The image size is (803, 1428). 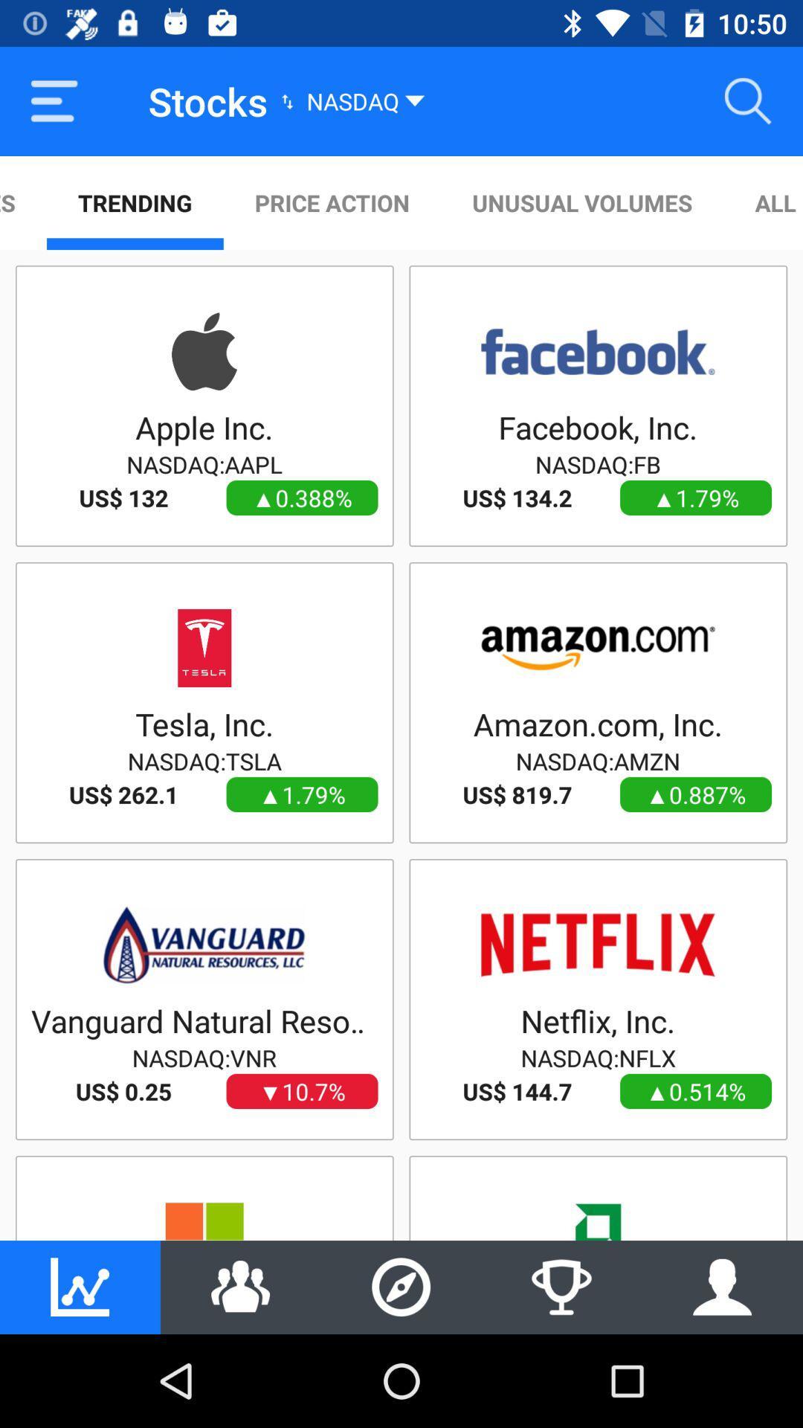 I want to click on the item to the left of stocks, so click(x=54, y=100).